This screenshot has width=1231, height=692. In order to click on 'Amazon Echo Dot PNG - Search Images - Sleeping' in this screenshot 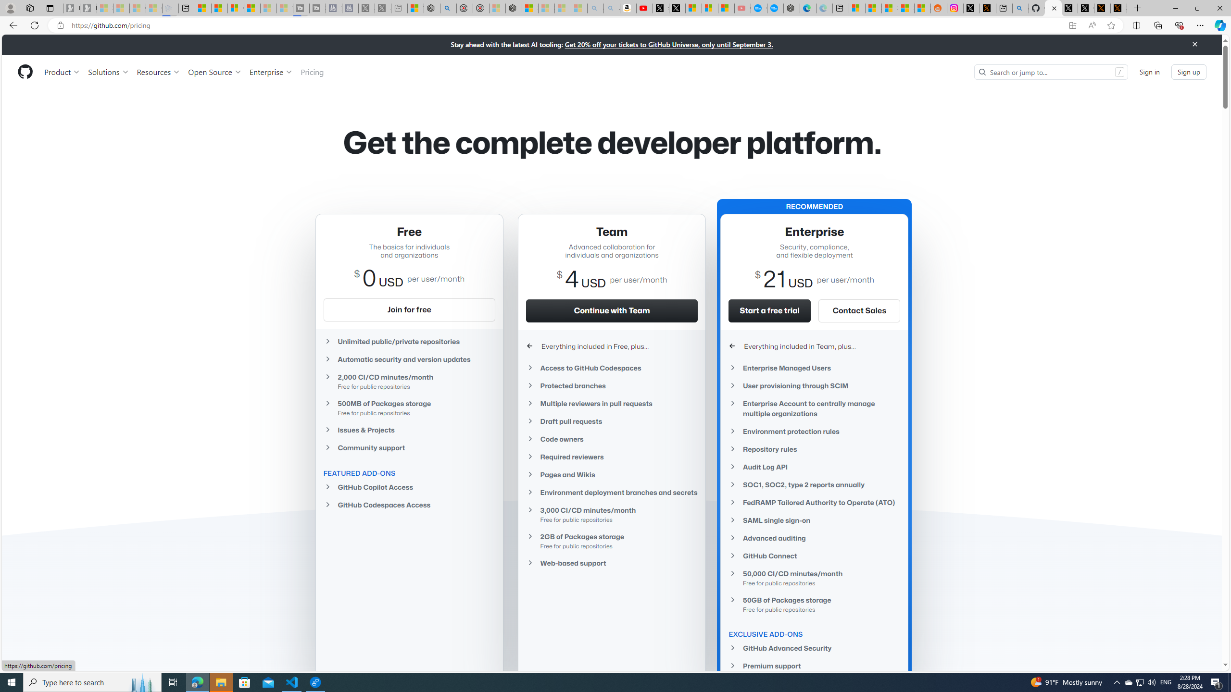, I will do `click(611, 8)`.